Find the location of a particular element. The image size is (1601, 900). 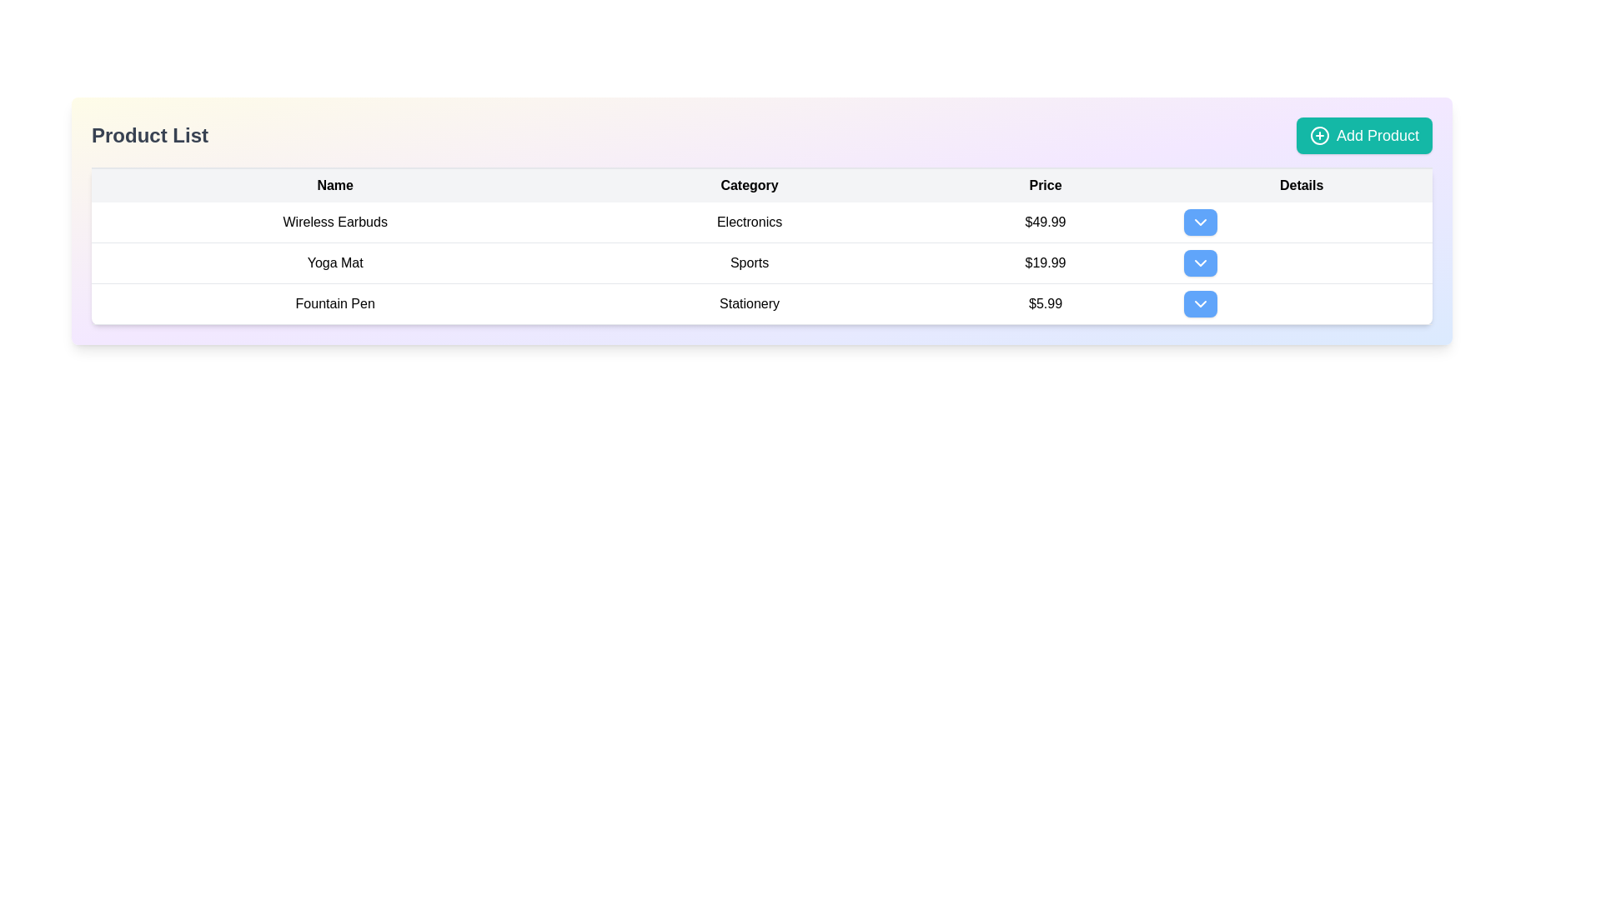

the 'Yoga Mat' text label located in the second row of the 'Product List' table under the 'Name' column is located at coordinates (334, 262).